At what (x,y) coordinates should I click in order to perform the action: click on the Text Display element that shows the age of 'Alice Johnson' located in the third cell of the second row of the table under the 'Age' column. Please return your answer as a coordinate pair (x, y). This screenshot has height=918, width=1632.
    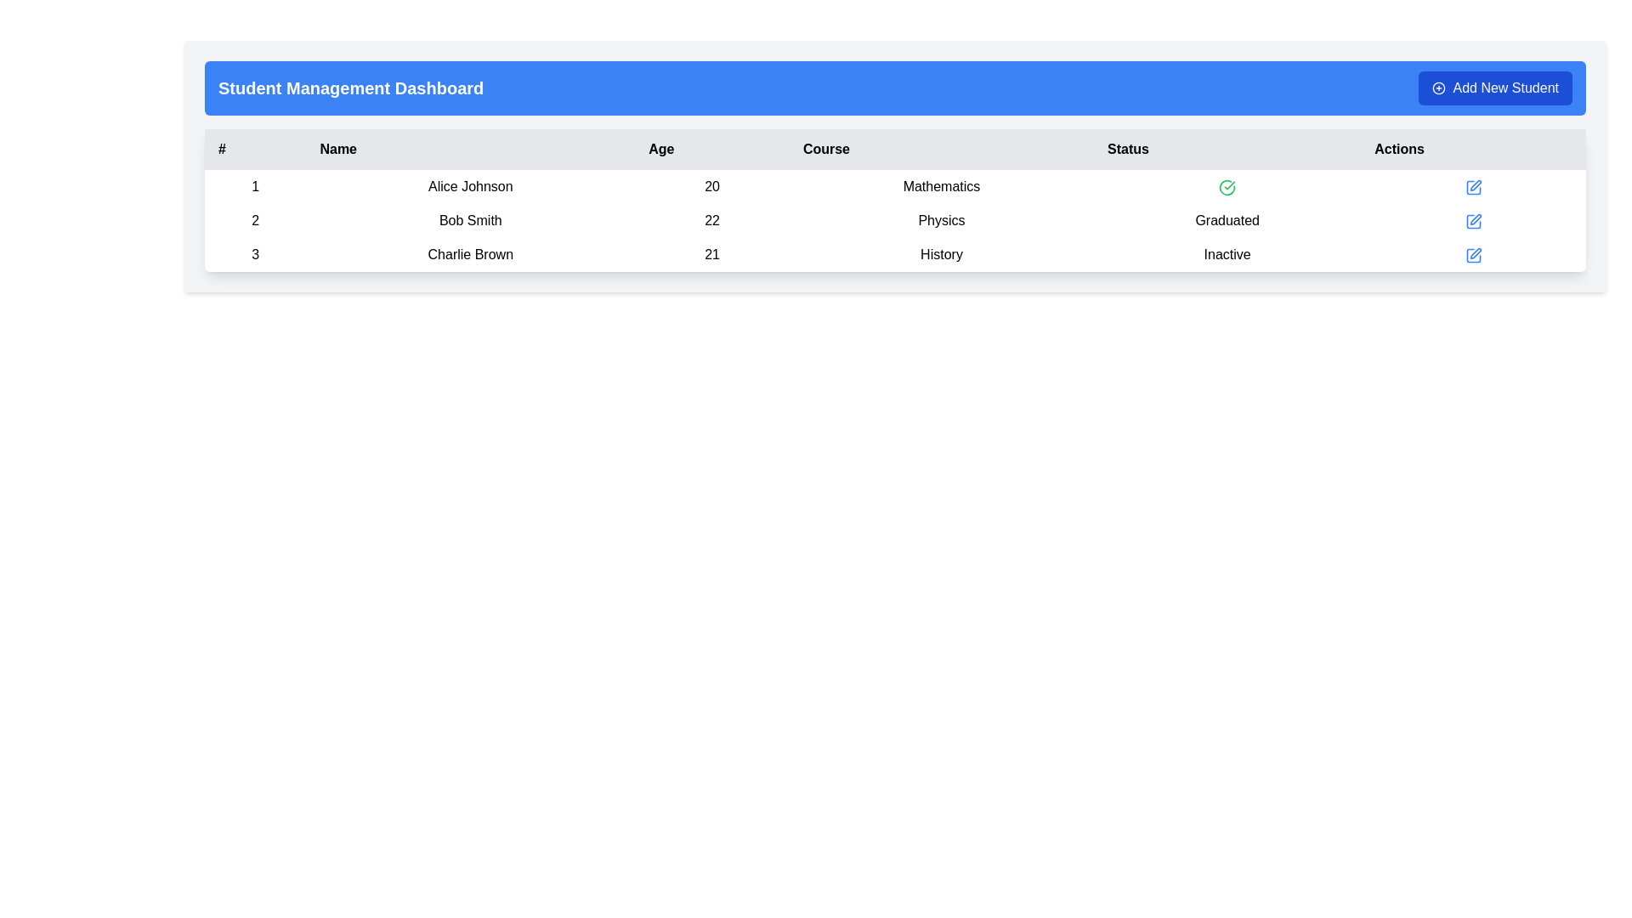
    Looking at the image, I should click on (712, 186).